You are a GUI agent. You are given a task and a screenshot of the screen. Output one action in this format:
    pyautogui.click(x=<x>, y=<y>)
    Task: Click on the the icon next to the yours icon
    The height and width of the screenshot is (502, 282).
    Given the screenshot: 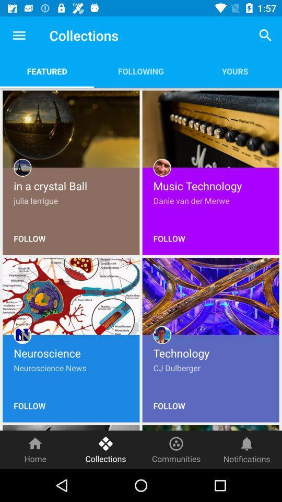 What is the action you would take?
    pyautogui.click(x=141, y=71)
    